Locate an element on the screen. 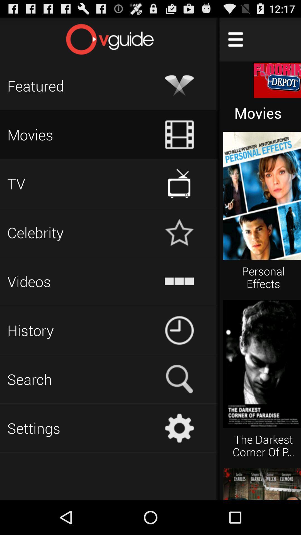 The height and width of the screenshot is (535, 301). menu is located at coordinates (236, 39).